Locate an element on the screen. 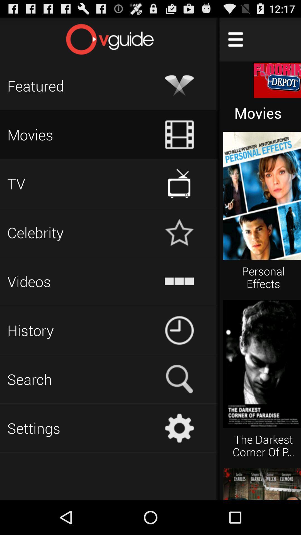 The height and width of the screenshot is (535, 301). menu is located at coordinates (236, 39).